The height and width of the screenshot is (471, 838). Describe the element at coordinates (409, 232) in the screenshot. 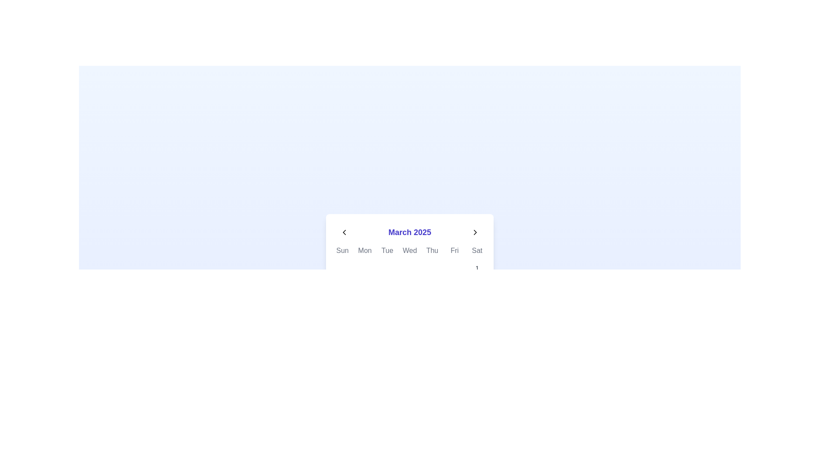

I see `the Text label that indicates the currently displayed month and year in the calendar widget, located at the top section between the navigation icons` at that location.